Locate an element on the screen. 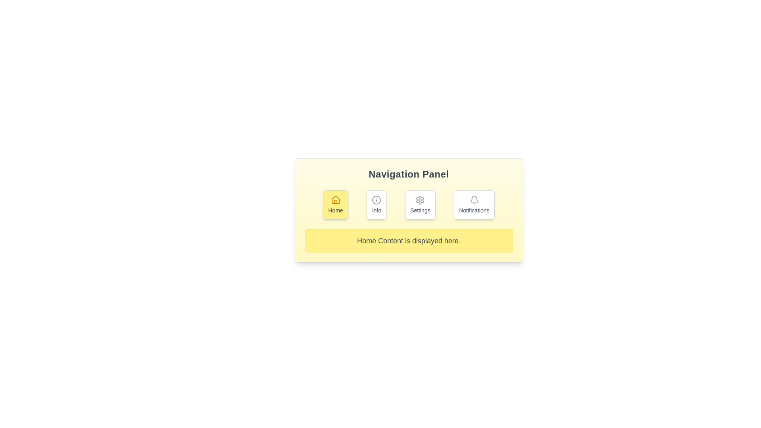  the 'Info' button, which is the second button from the left in a horizontal set of four buttons, styled with a white background and an 'i' symbol for information is located at coordinates (376, 204).